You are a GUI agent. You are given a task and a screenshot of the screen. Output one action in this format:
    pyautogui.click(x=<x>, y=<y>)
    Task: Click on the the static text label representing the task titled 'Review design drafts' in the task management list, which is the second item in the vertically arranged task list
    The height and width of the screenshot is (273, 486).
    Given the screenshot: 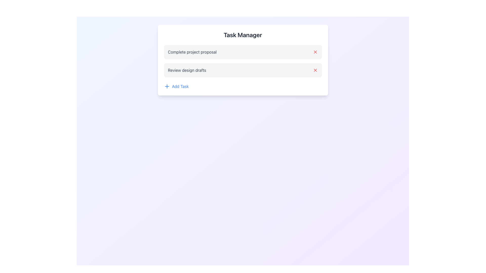 What is the action you would take?
    pyautogui.click(x=187, y=70)
    